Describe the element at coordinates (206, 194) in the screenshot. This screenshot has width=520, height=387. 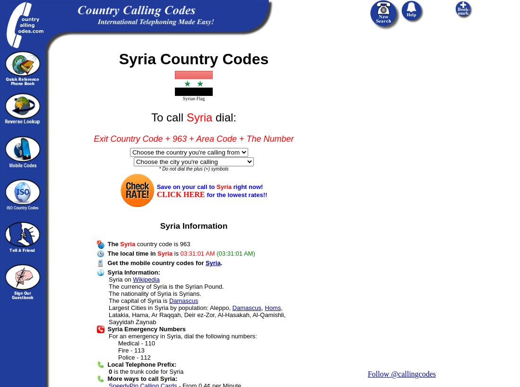
I see `'for the lowest rates!!'` at that location.